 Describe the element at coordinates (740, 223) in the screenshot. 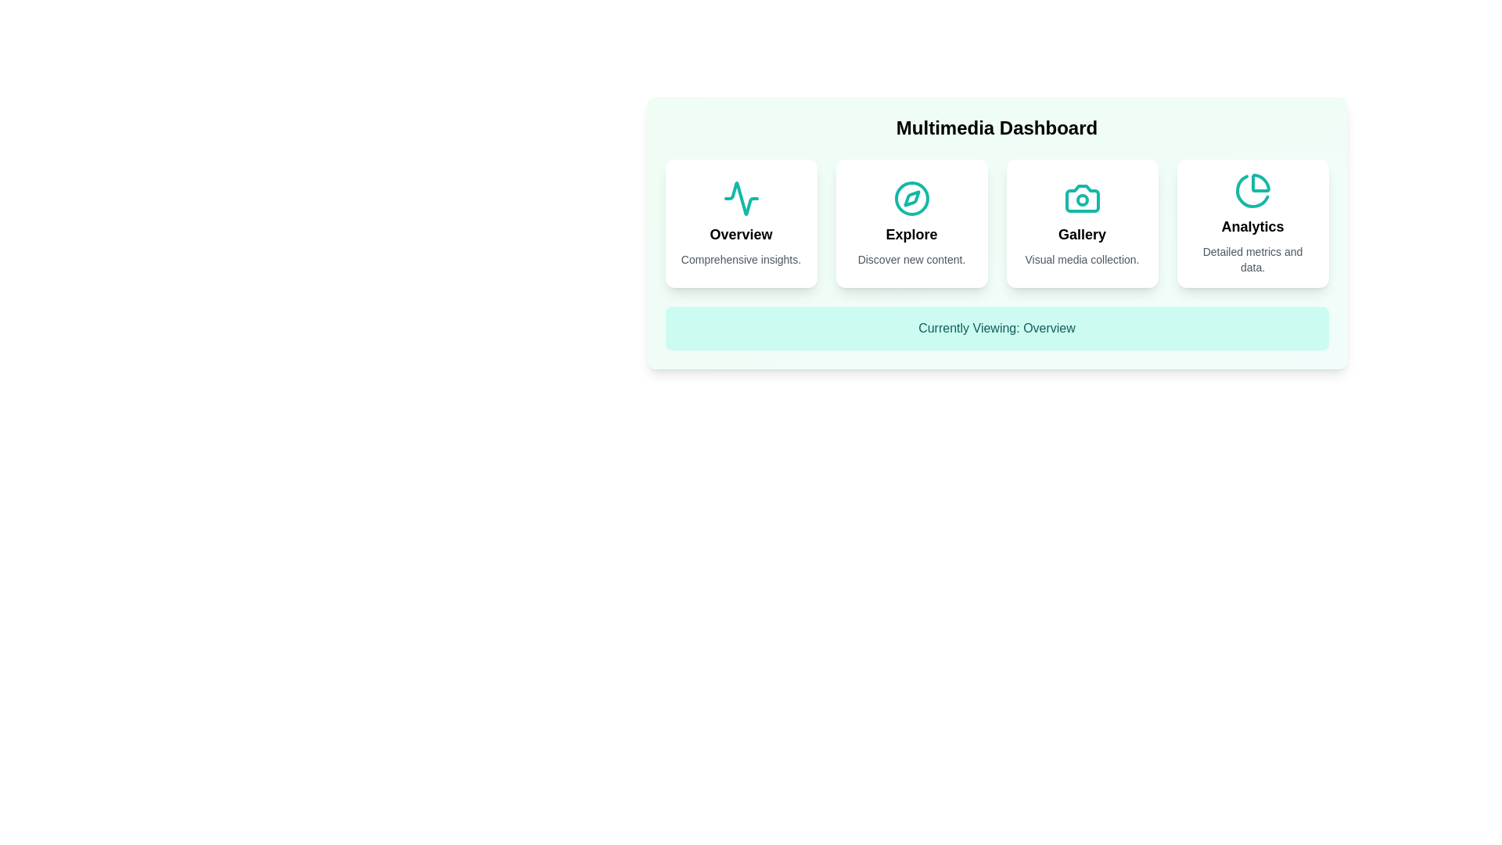

I see `the section Overview by clicking on its card` at that location.